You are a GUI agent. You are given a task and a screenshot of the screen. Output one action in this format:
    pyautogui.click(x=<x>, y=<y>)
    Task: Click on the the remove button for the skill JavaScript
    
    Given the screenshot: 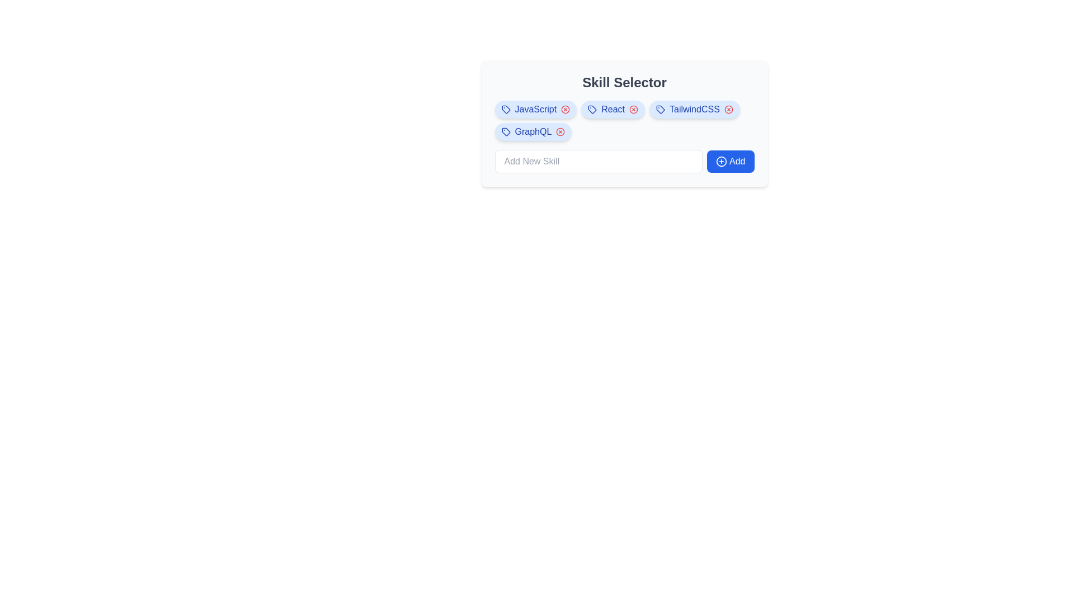 What is the action you would take?
    pyautogui.click(x=566, y=110)
    